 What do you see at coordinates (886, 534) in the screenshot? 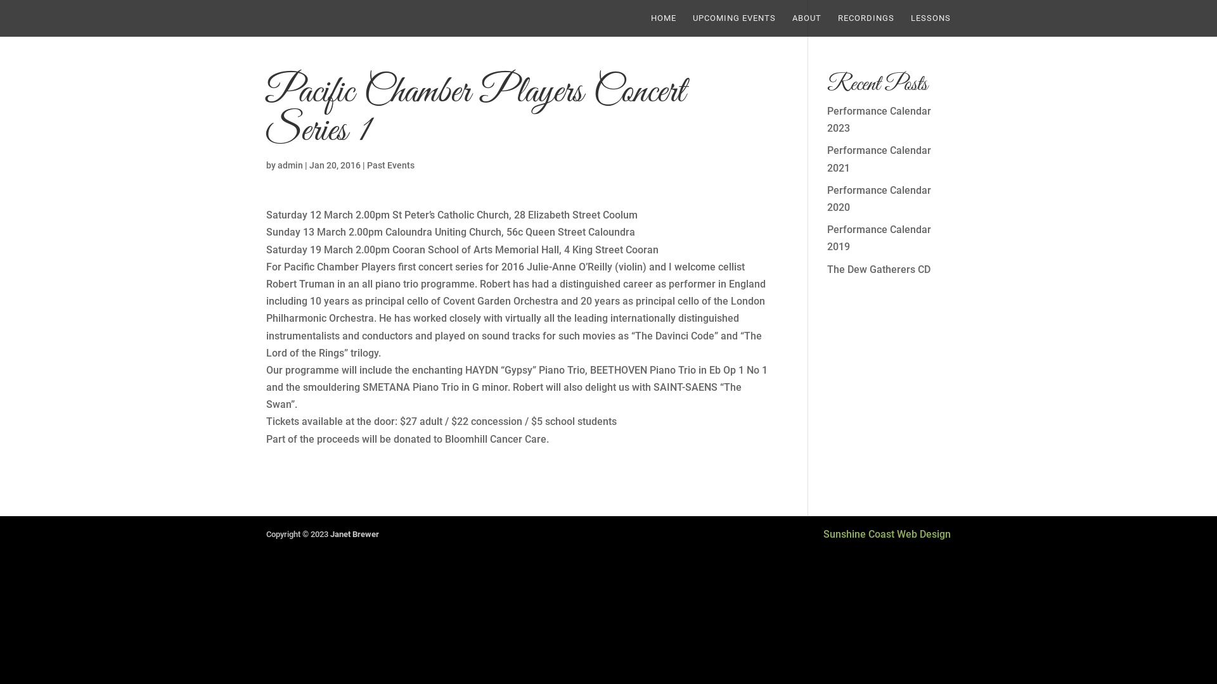
I see `'Sunshine Coast Web Design'` at bounding box center [886, 534].